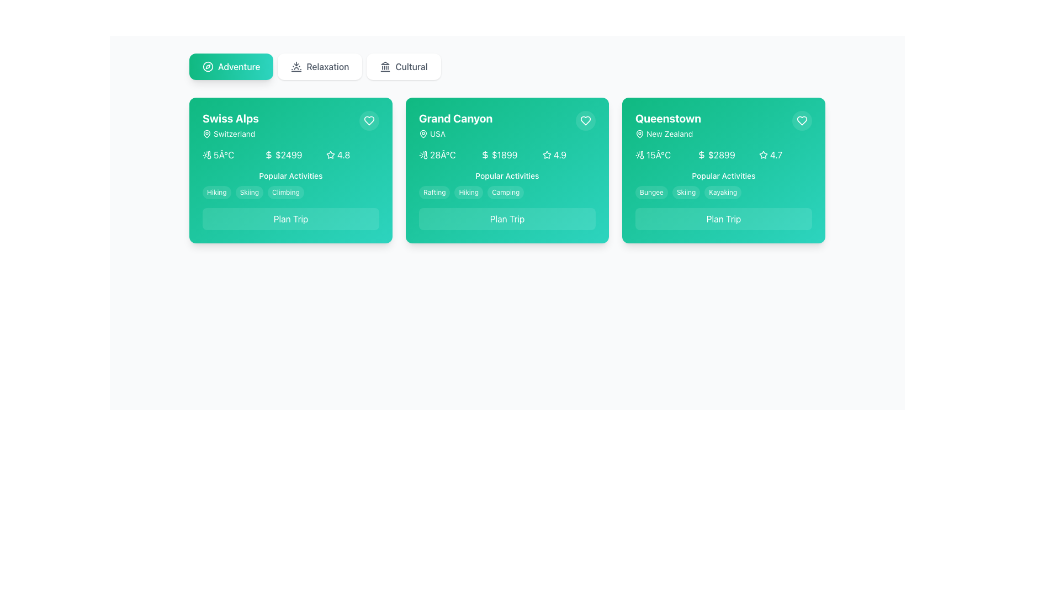 The height and width of the screenshot is (596, 1060). Describe the element at coordinates (296, 66) in the screenshot. I see `the icon located to the left of the 'Relaxation' text in the navigation bar, which is a rectangular button with a white background and rounded edges` at that location.